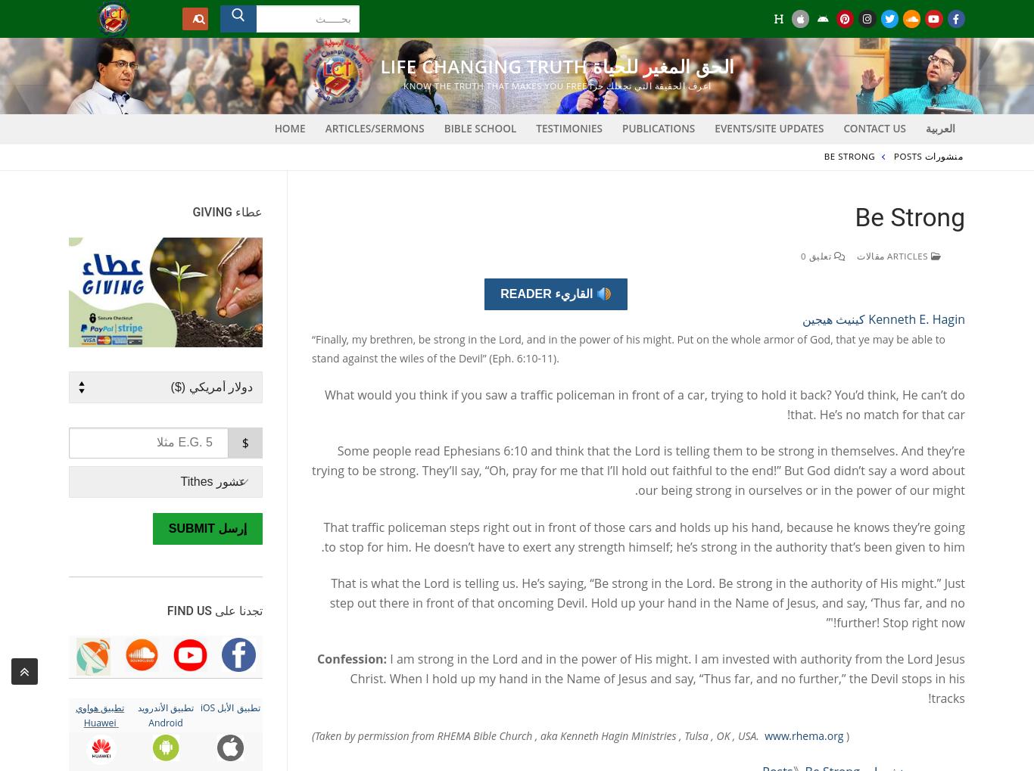 The height and width of the screenshot is (771, 1034). What do you see at coordinates (874, 128) in the screenshot?
I see `'Contact Us'` at bounding box center [874, 128].